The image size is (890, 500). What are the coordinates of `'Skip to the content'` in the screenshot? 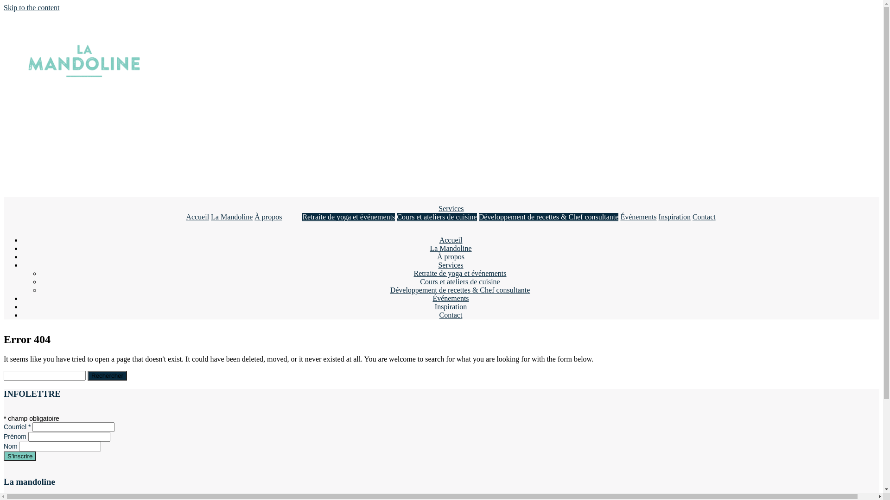 It's located at (31, 7).